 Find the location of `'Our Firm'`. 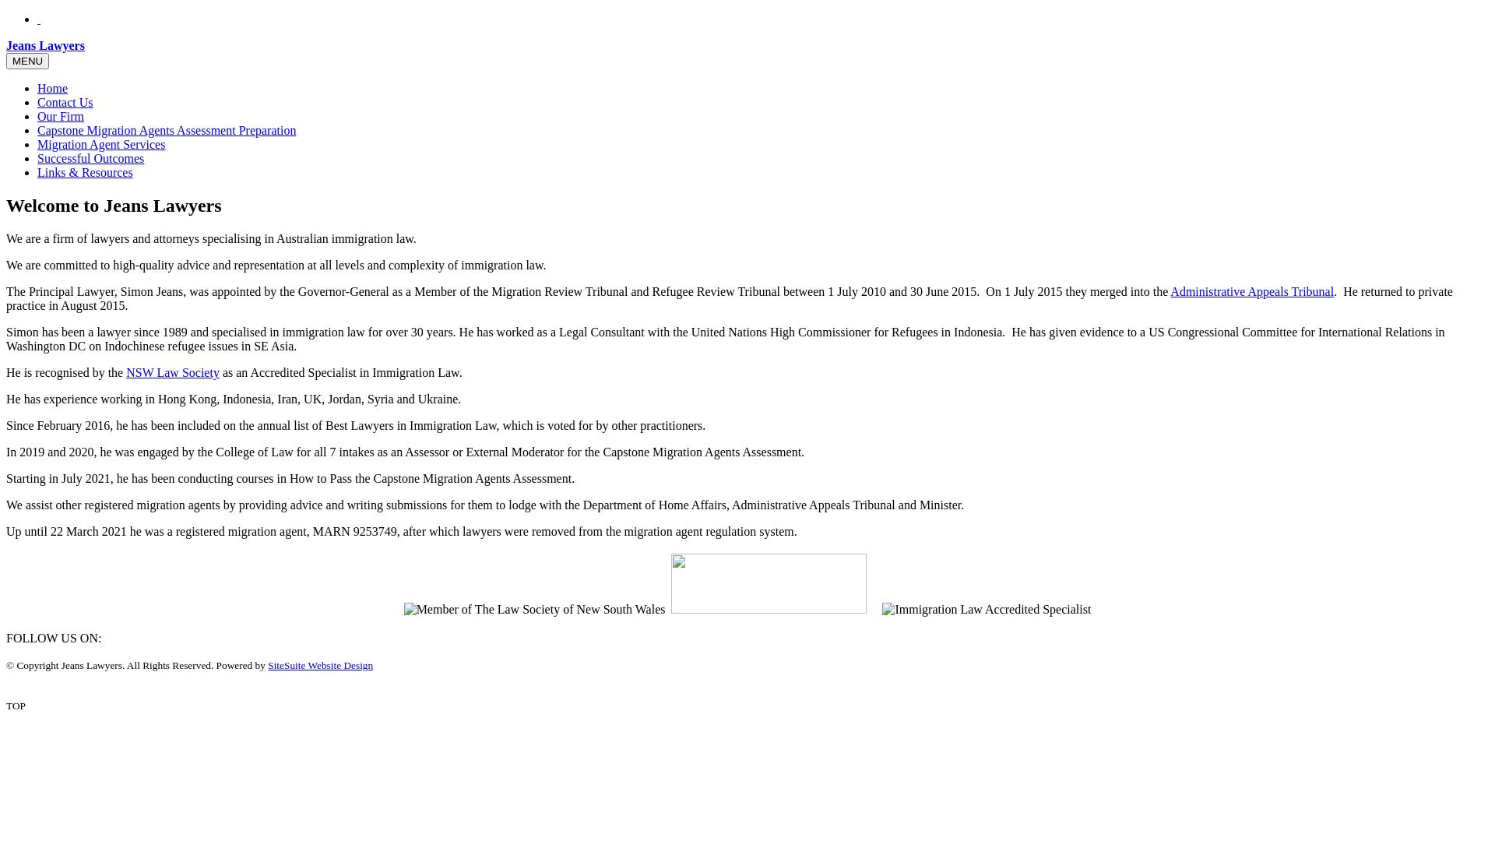

'Our Firm' is located at coordinates (60, 115).